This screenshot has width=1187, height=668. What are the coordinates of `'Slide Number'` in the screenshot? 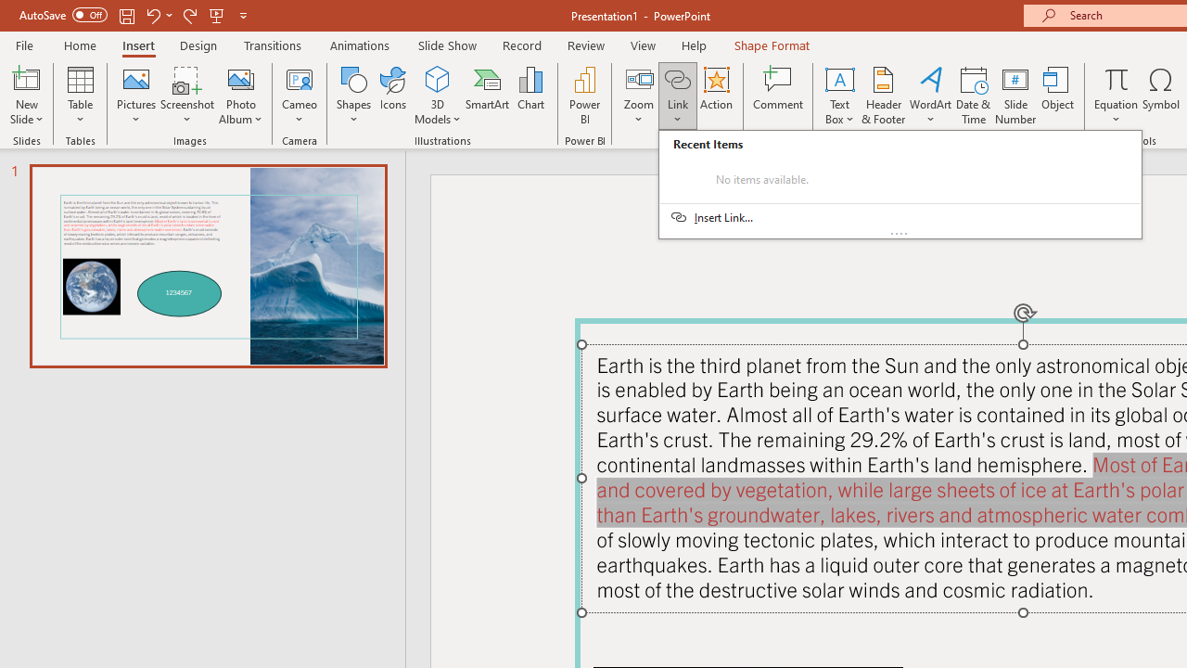 It's located at (1015, 96).